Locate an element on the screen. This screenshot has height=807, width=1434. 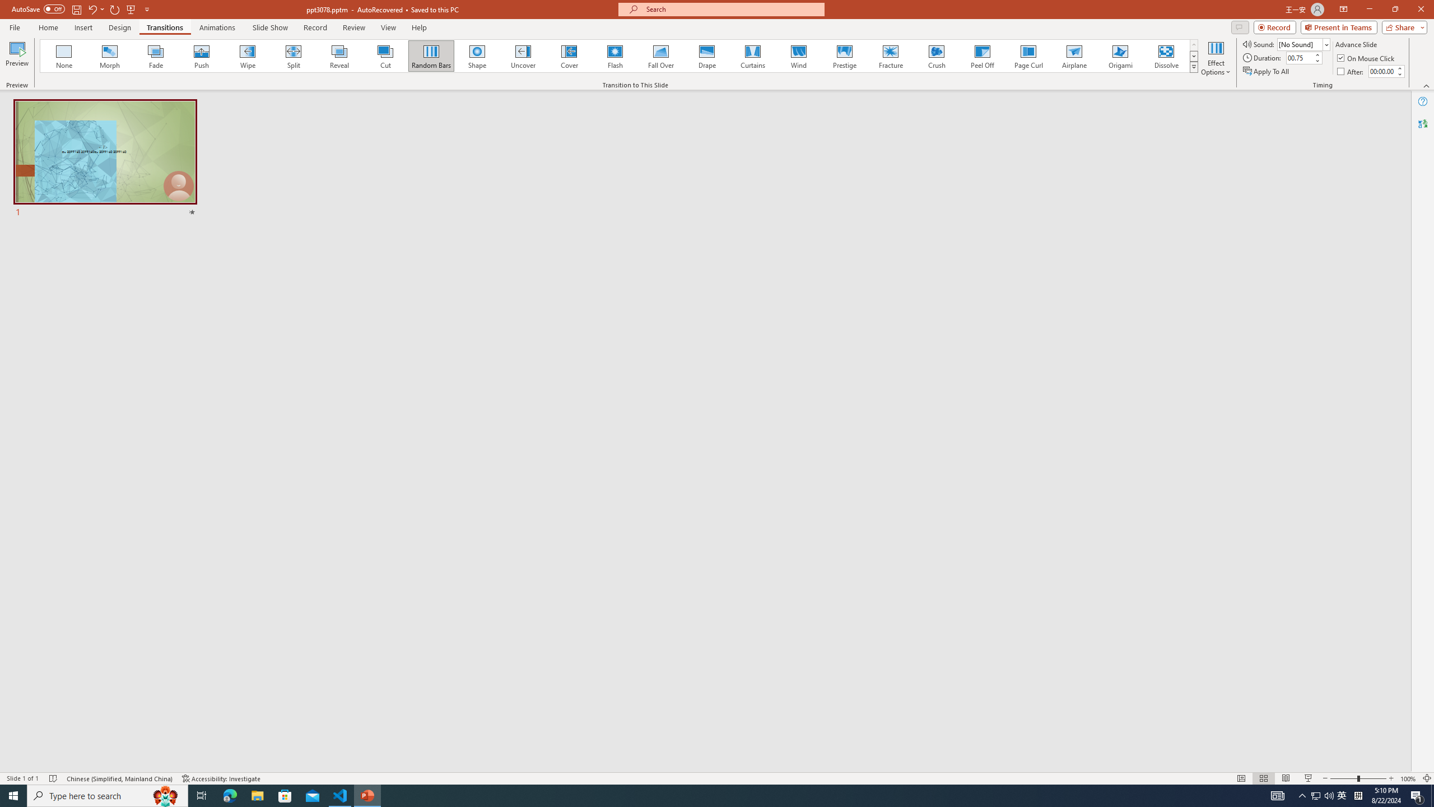
'Wind' is located at coordinates (798, 55).